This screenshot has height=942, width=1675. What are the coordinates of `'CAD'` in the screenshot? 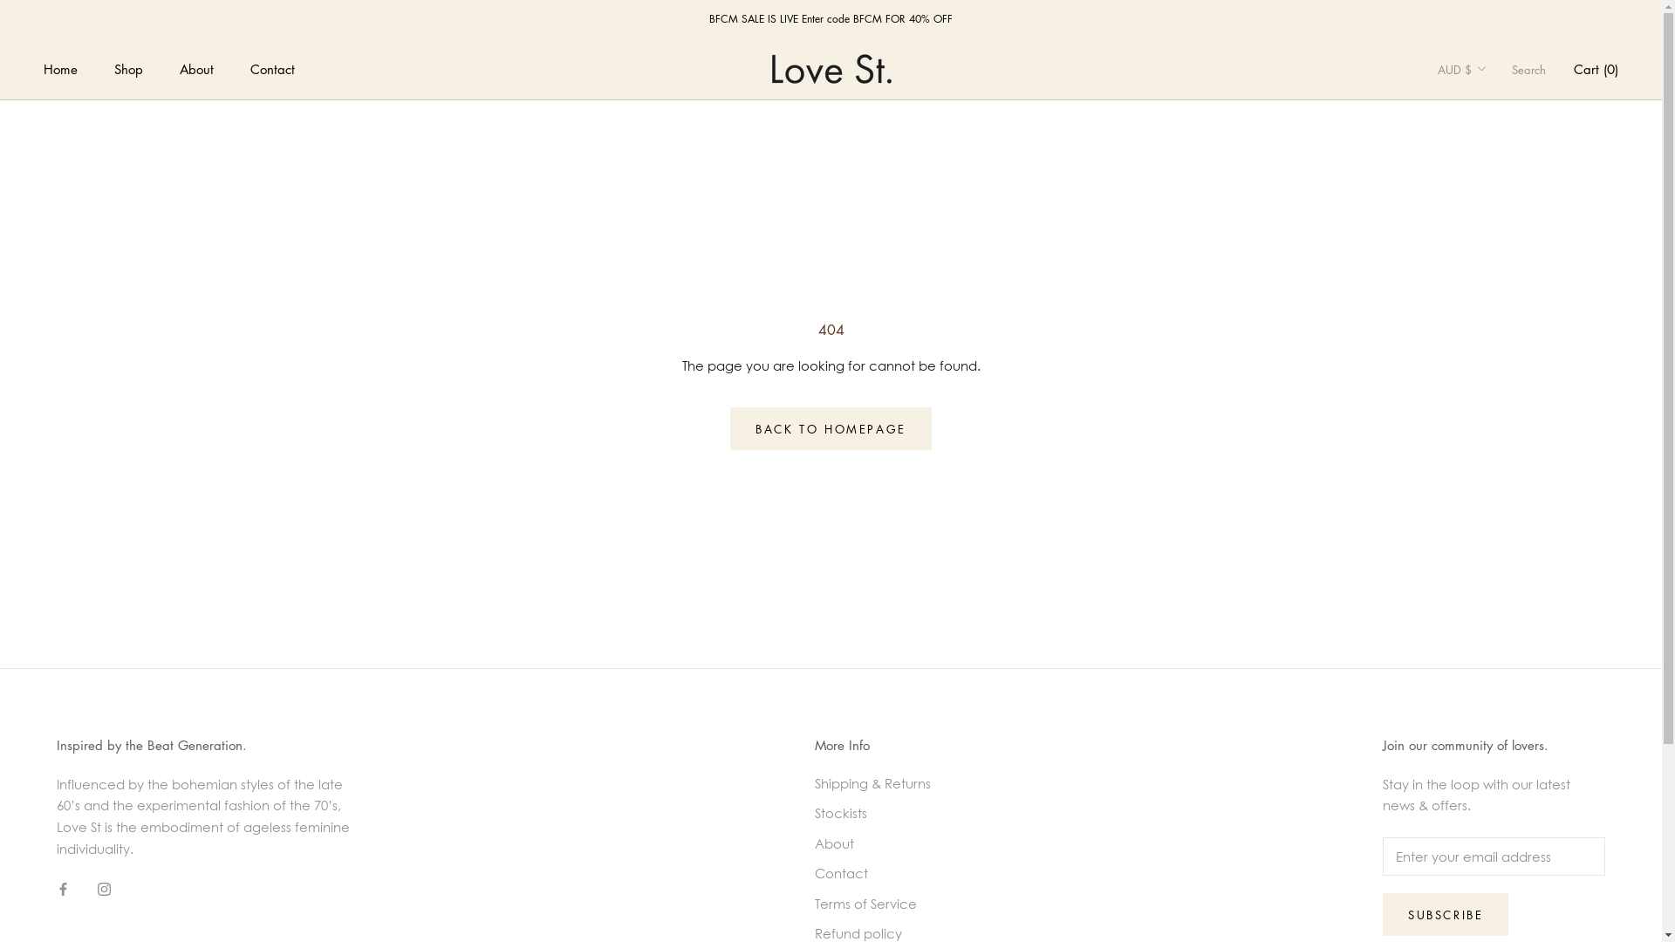 It's located at (1489, 602).